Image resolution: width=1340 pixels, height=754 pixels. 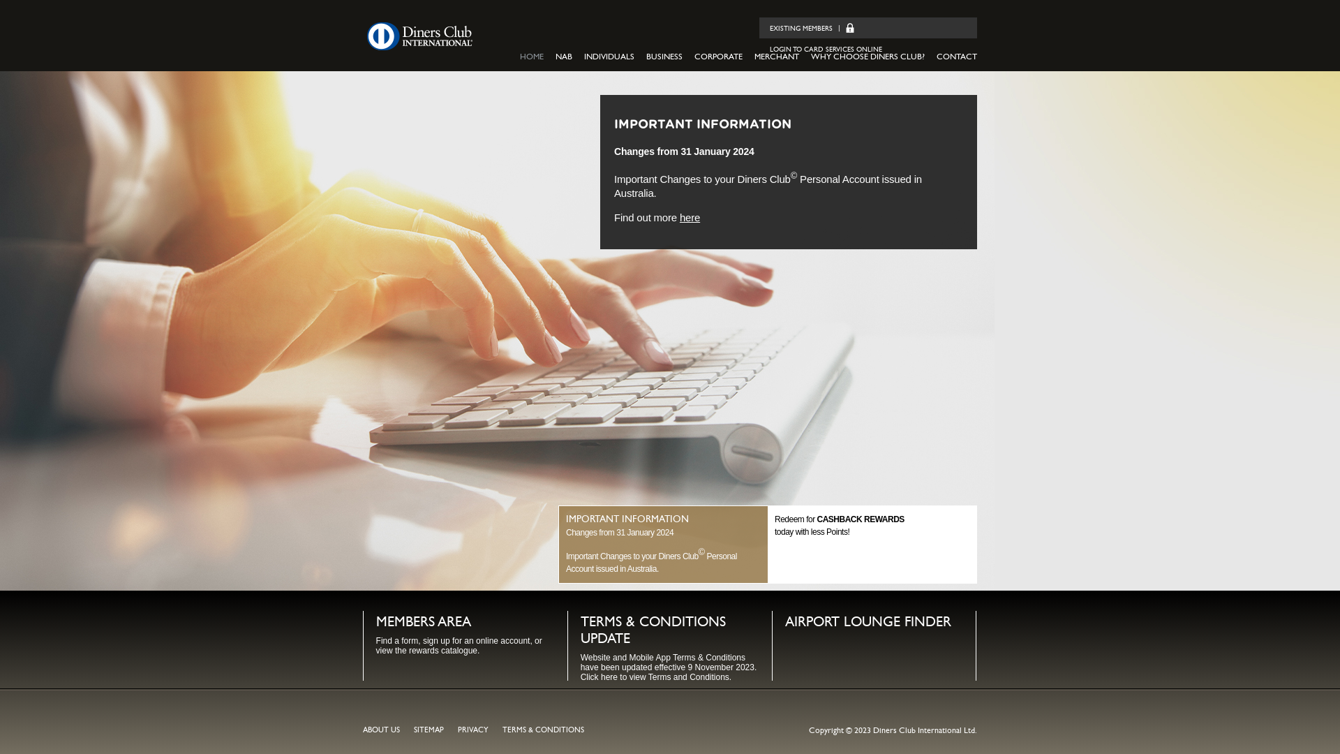 I want to click on 'SITEMAP', so click(x=428, y=729).